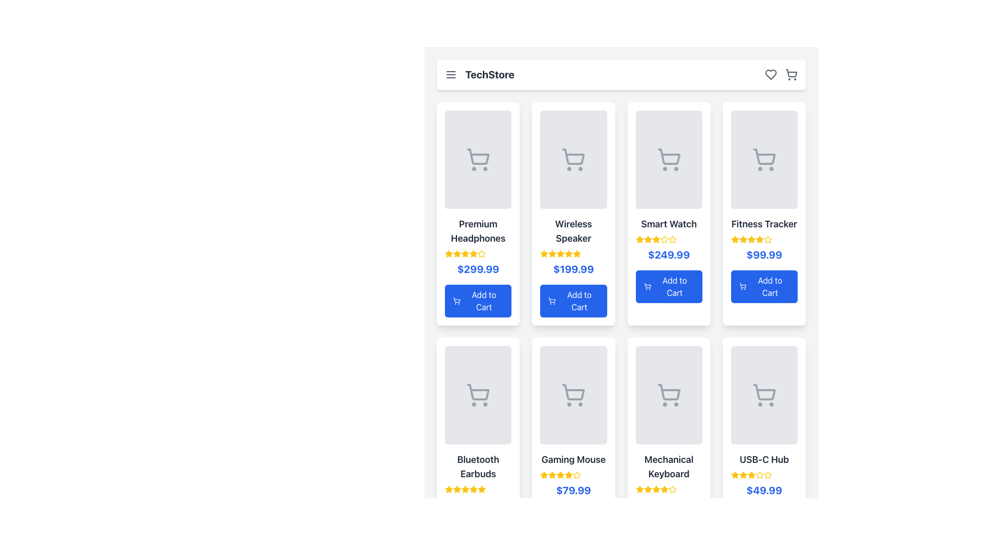  What do you see at coordinates (456, 488) in the screenshot?
I see `the first rating star icon for the Bluetooth Earbuds product` at bounding box center [456, 488].